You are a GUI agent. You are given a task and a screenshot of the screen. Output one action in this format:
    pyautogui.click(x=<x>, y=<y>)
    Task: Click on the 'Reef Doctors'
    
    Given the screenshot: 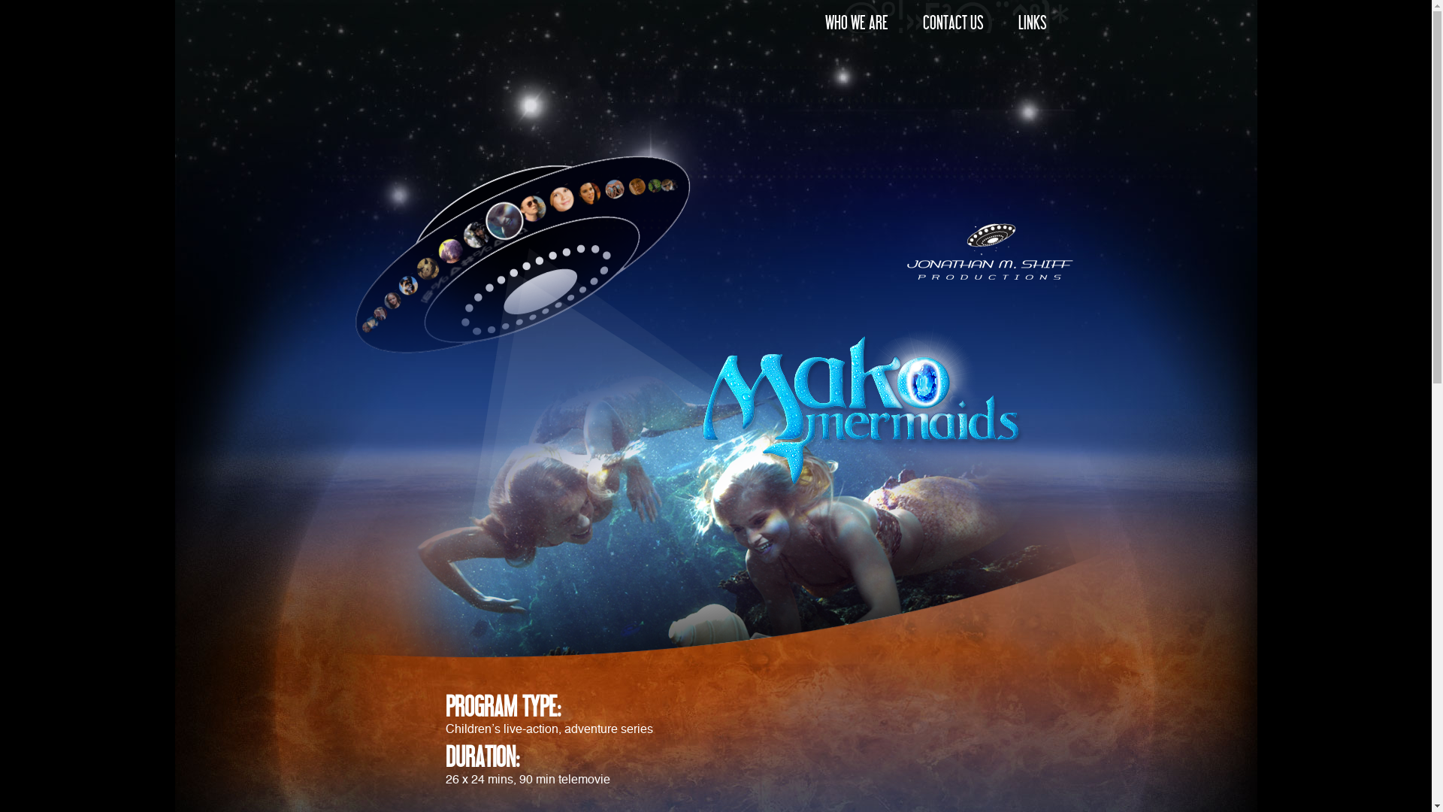 What is the action you would take?
    pyautogui.click(x=528, y=208)
    